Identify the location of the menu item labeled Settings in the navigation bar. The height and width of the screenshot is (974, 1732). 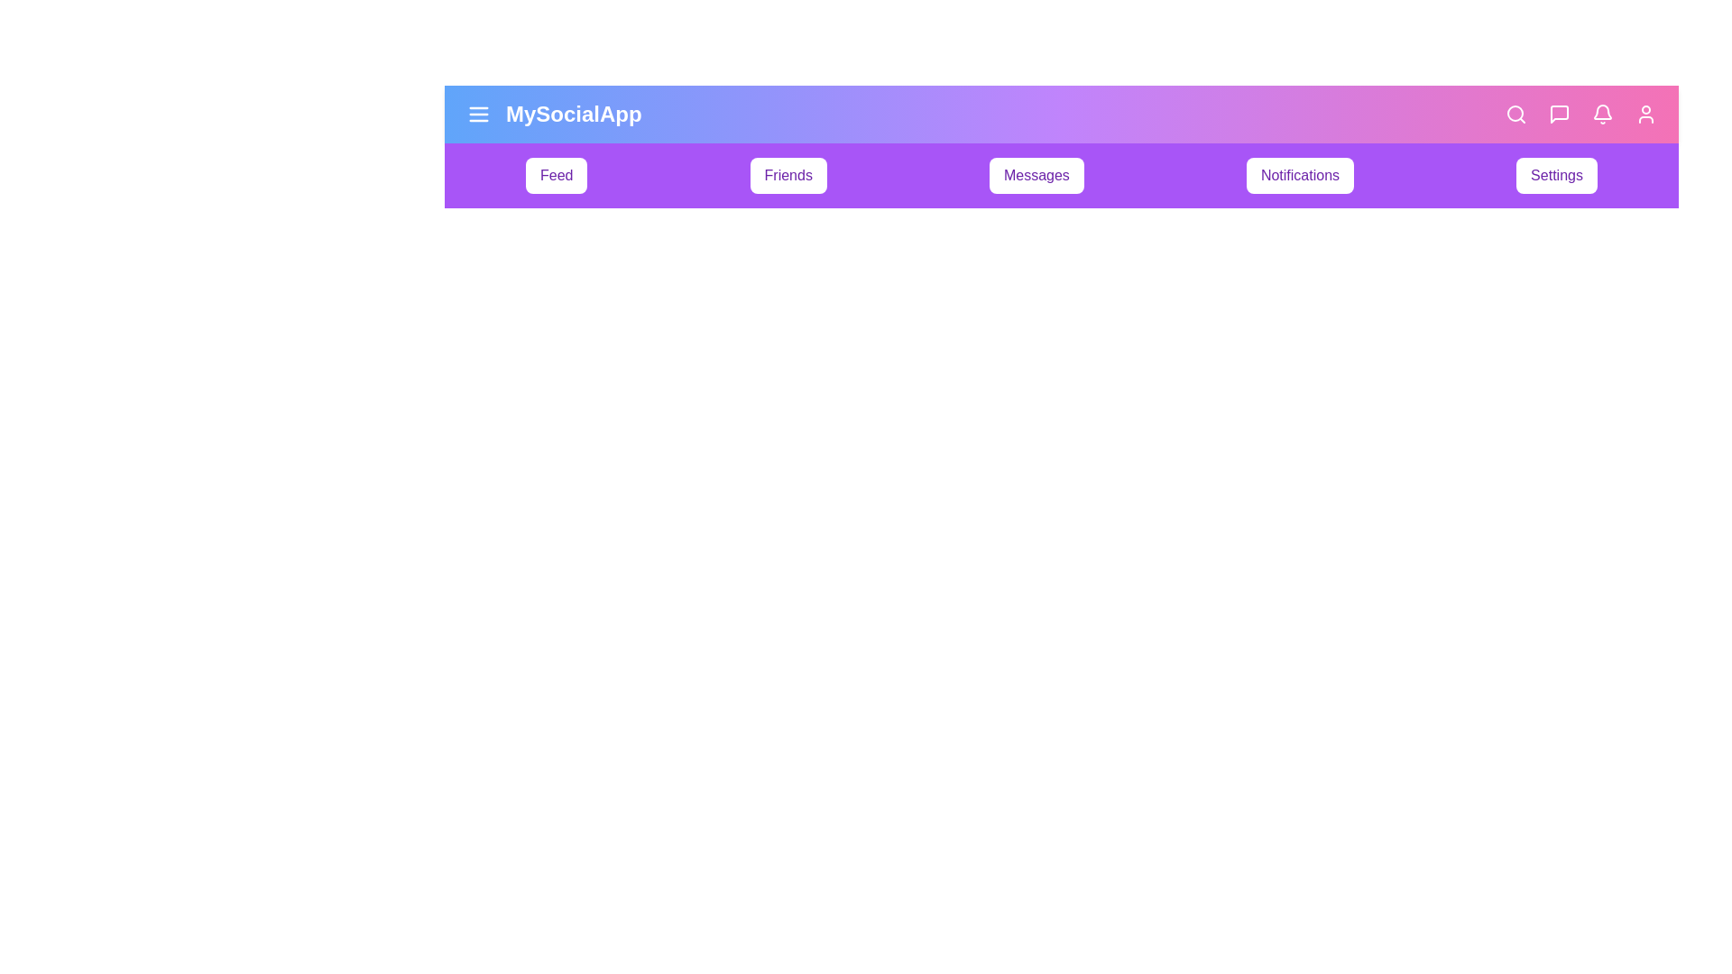
(1556, 176).